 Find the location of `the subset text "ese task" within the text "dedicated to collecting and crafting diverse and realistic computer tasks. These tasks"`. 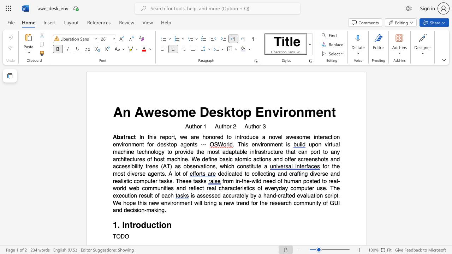

the subset text "ese task" within the text "dedicated to collecting and crafting diverse and realistic computer tasks. These tasks" is located at coordinates (182, 181).